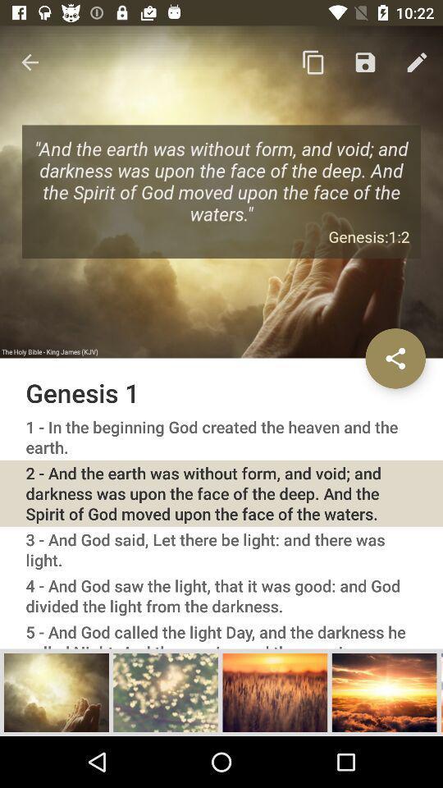 This screenshot has width=443, height=788. What do you see at coordinates (56, 691) in the screenshot?
I see `item at the bottom left corner` at bounding box center [56, 691].